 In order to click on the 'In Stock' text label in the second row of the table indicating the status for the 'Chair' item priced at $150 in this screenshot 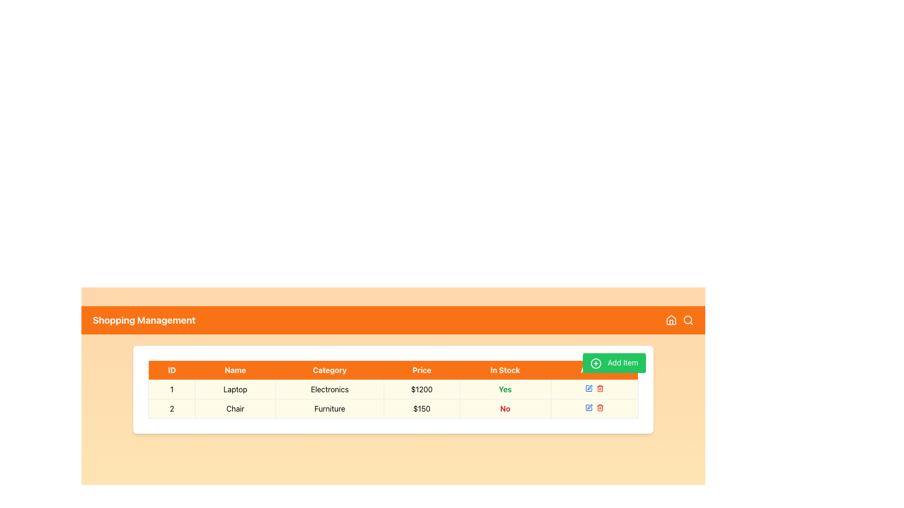, I will do `click(505, 408)`.